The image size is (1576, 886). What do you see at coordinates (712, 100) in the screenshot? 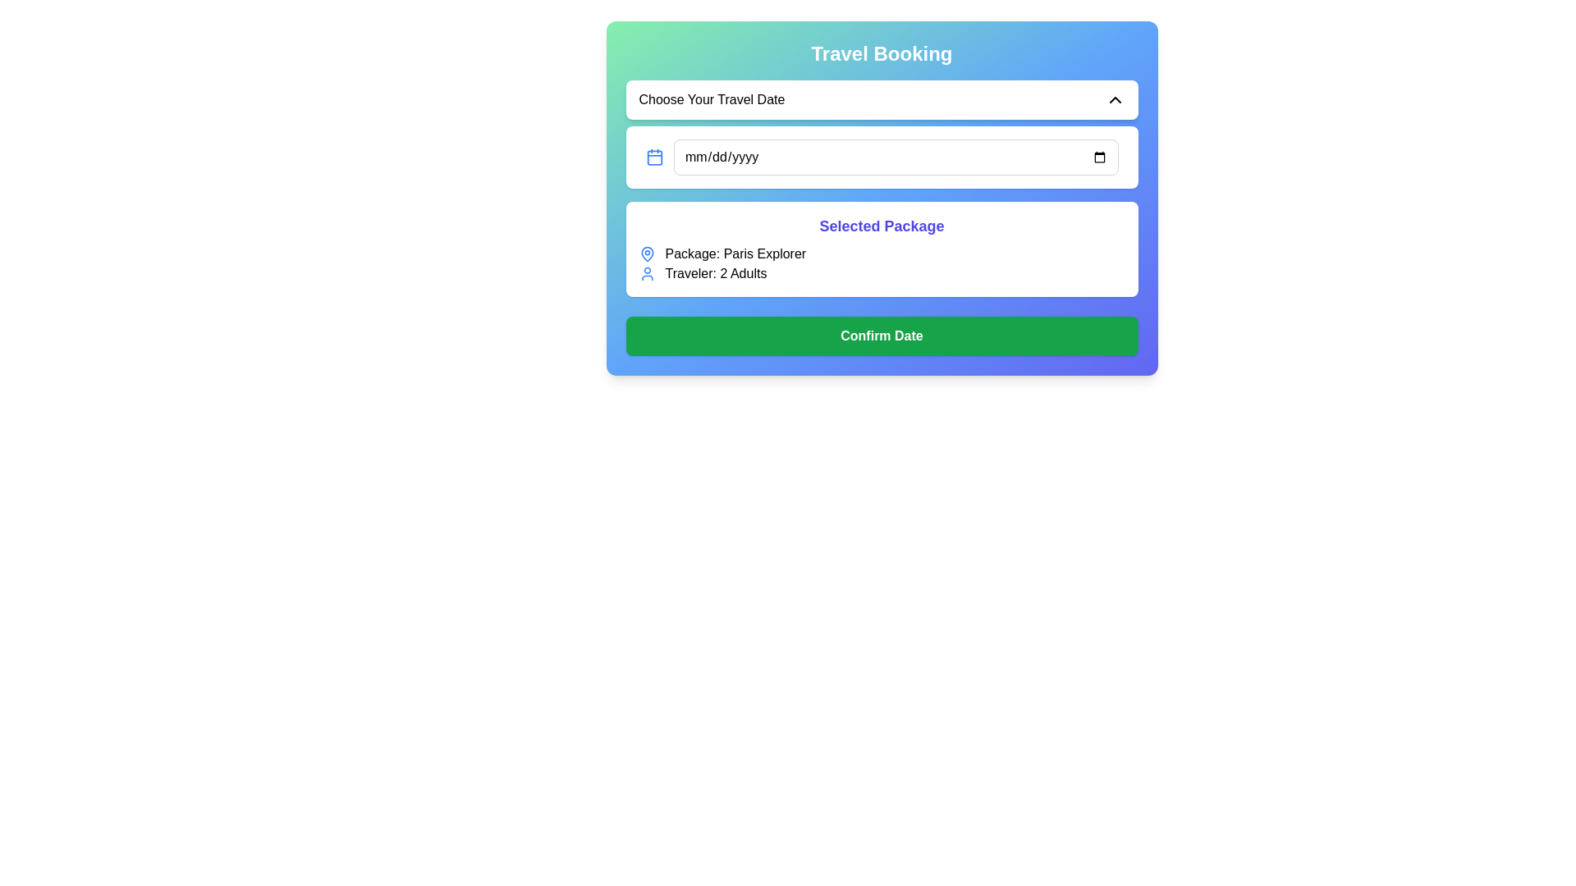
I see `the static text label indicating the purpose of the travel date input field, which is positioned above the date input field and below the 'Travel Booking' title` at bounding box center [712, 100].